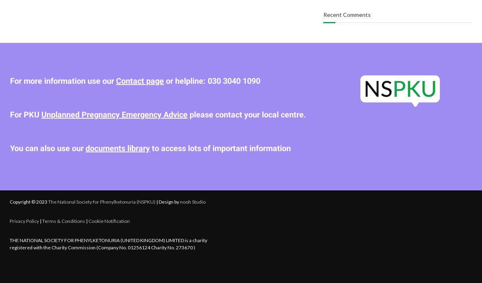 The width and height of the screenshot is (482, 283). Describe the element at coordinates (10, 239) in the screenshot. I see `'THE NATIONAL SOCIETY FOR PHENYLKETONURIA (UNITED KINGDOM) LIMITED is a charity'` at that location.